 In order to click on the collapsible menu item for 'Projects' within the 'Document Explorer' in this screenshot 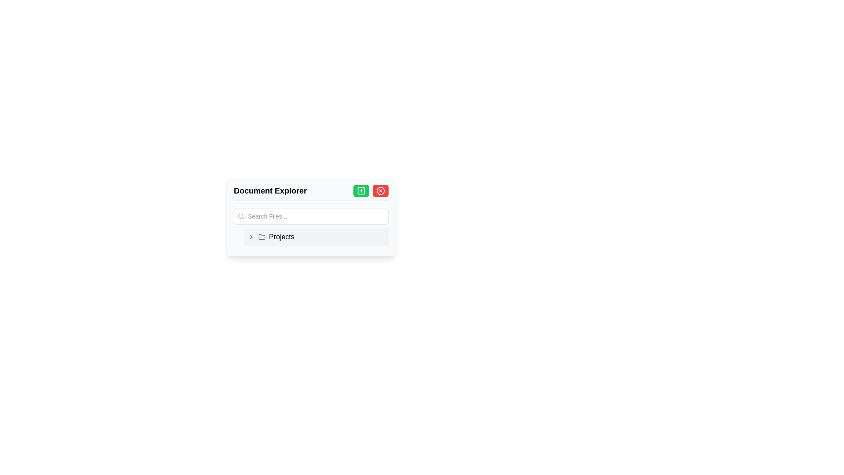, I will do `click(311, 237)`.